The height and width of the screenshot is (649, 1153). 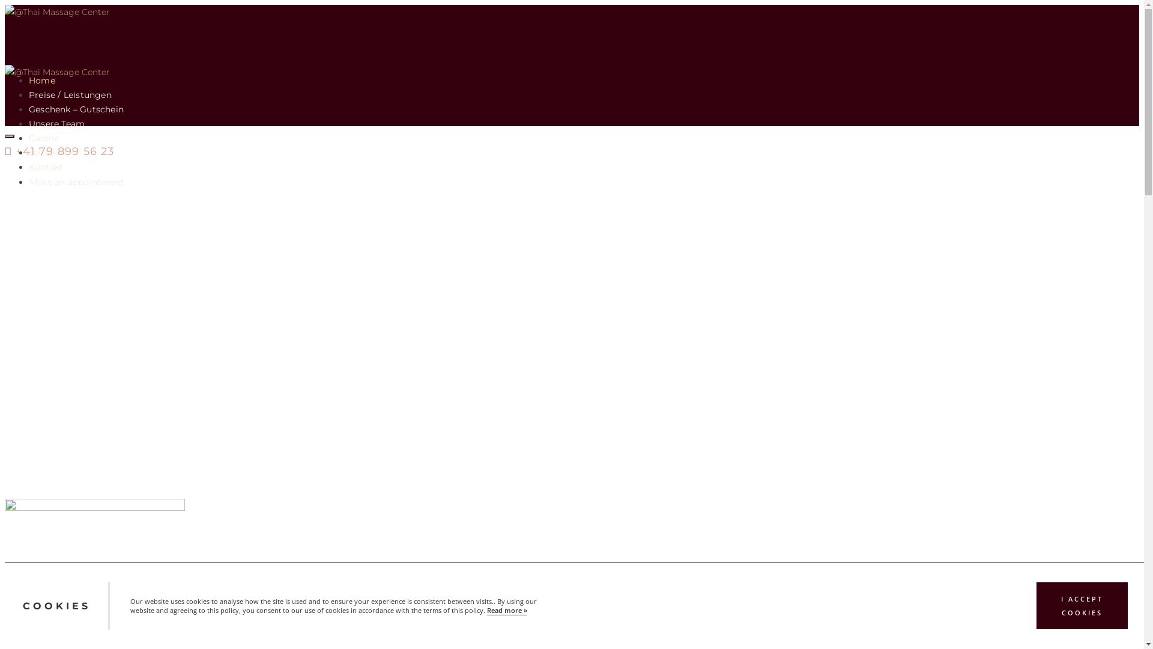 What do you see at coordinates (29, 81) in the screenshot?
I see `'Home'` at bounding box center [29, 81].